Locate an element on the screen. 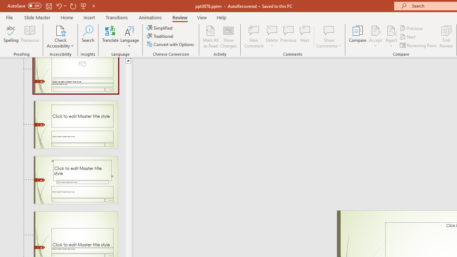 This screenshot has height=257, width=457. 'Reviewing Pane' is located at coordinates (419, 45).